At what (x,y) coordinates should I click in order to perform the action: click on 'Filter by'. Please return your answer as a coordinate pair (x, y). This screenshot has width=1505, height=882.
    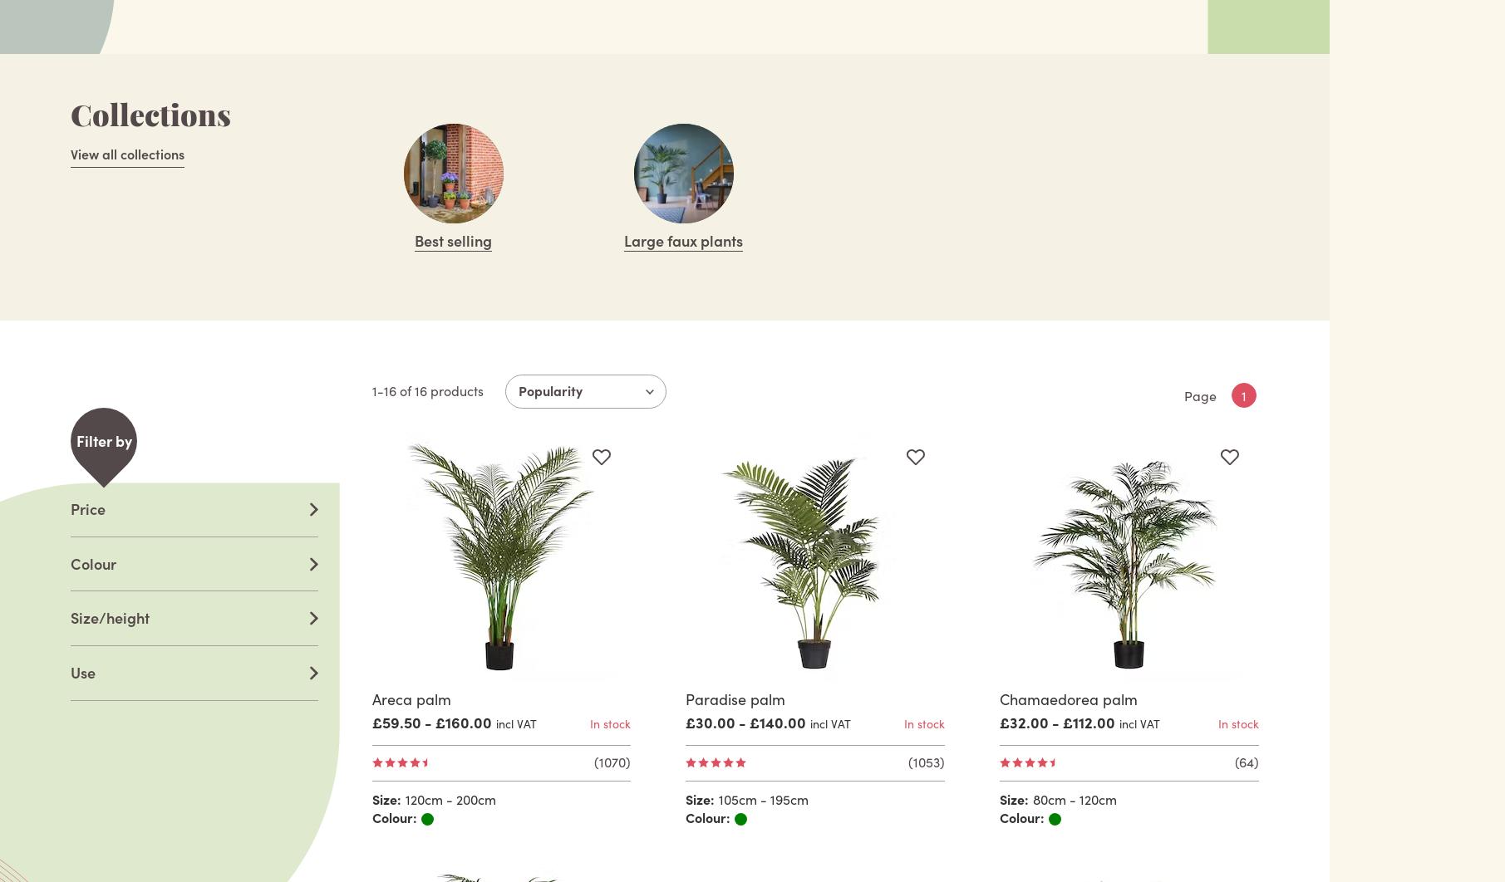
    Looking at the image, I should click on (102, 439).